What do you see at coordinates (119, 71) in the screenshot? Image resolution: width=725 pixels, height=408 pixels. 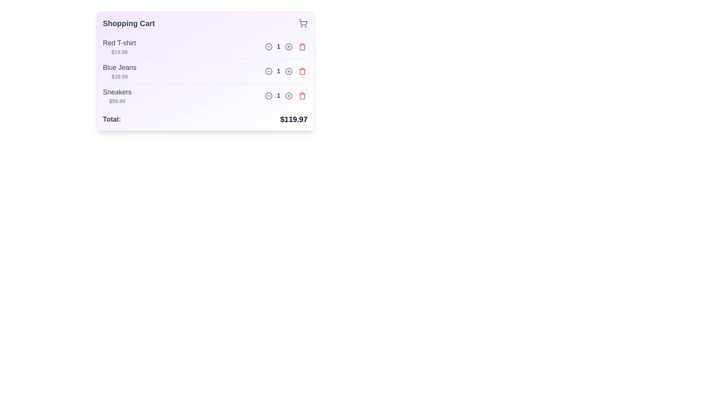 I see `the Text display element that shows 'Blue Jeans' and '$39.99', located in the shopping cart list as the second item` at bounding box center [119, 71].